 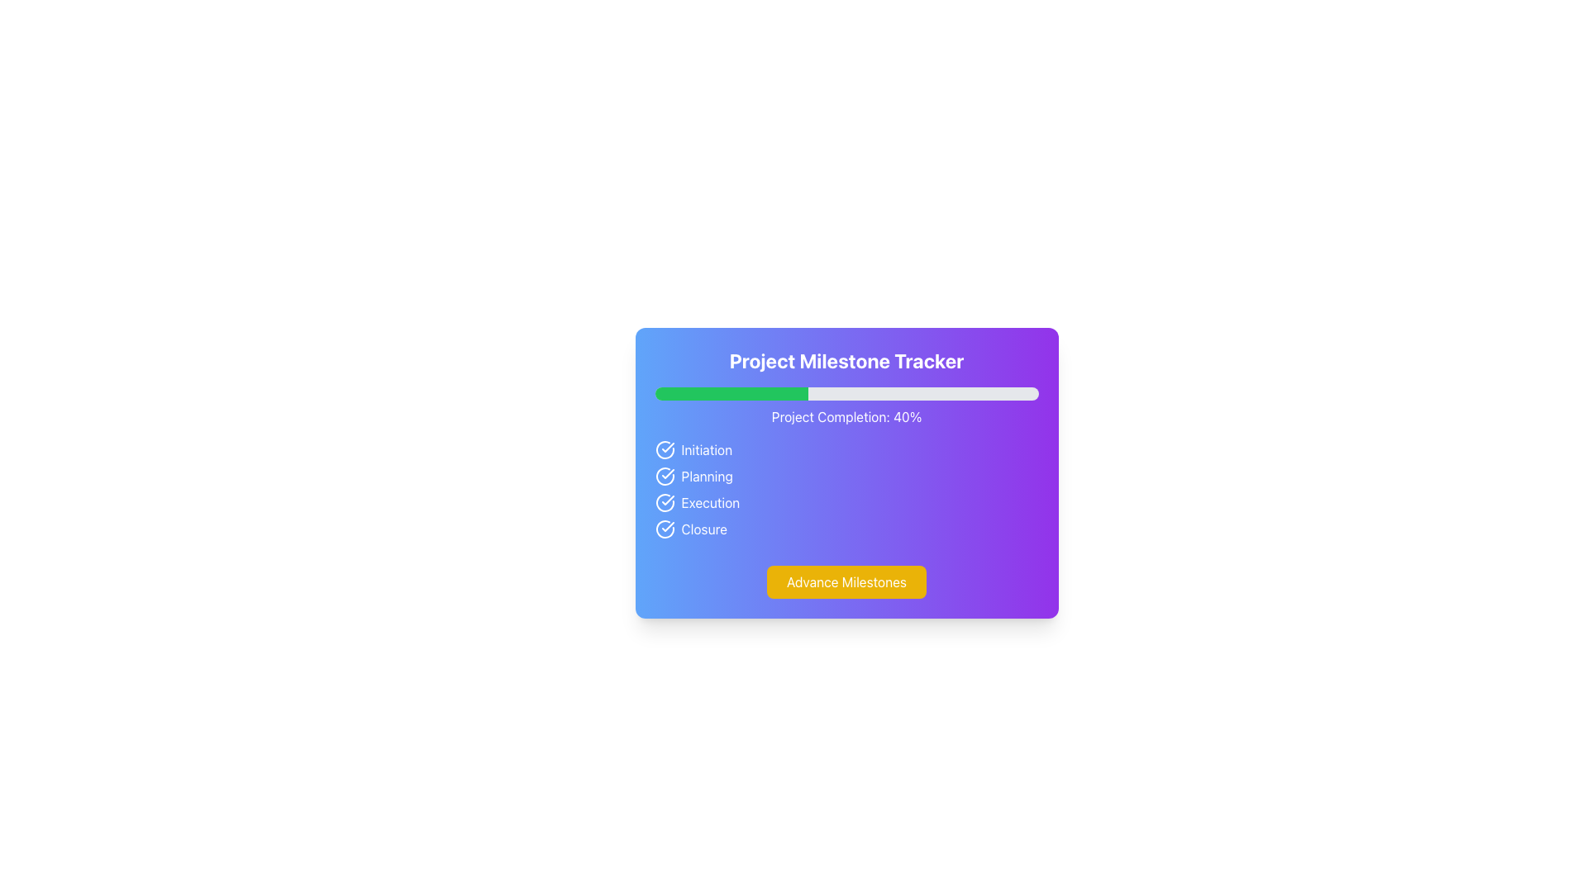 What do you see at coordinates (846, 394) in the screenshot?
I see `the Progress bar that visualizes 40% completion, located under 'Project Milestone Tracker' and above 'Project Completion: 40%'` at bounding box center [846, 394].